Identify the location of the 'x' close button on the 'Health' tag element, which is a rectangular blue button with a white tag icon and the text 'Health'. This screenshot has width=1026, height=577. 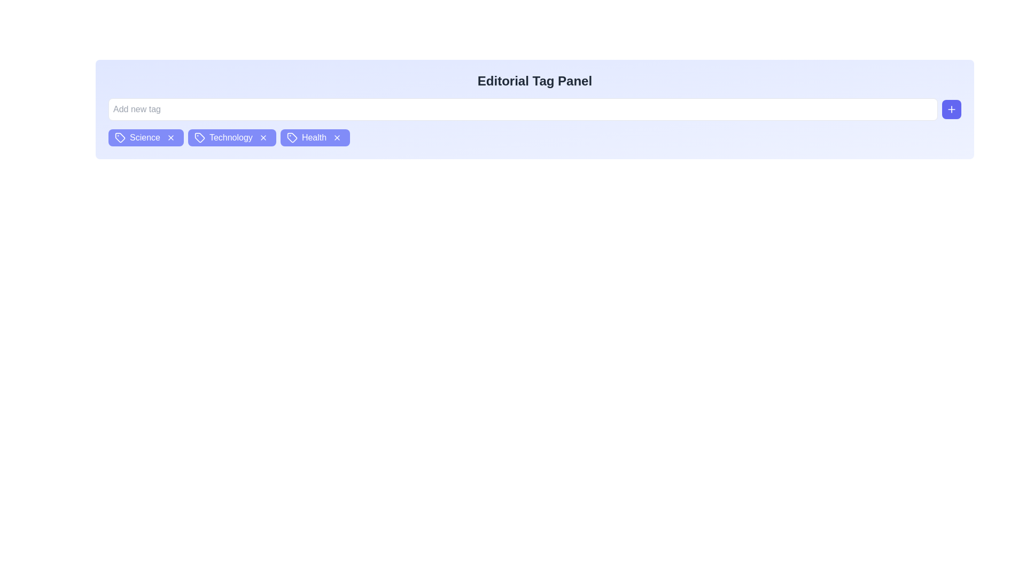
(315, 137).